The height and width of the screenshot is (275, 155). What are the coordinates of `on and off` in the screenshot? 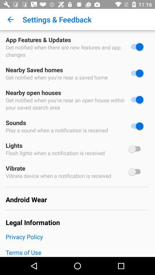 It's located at (135, 100).